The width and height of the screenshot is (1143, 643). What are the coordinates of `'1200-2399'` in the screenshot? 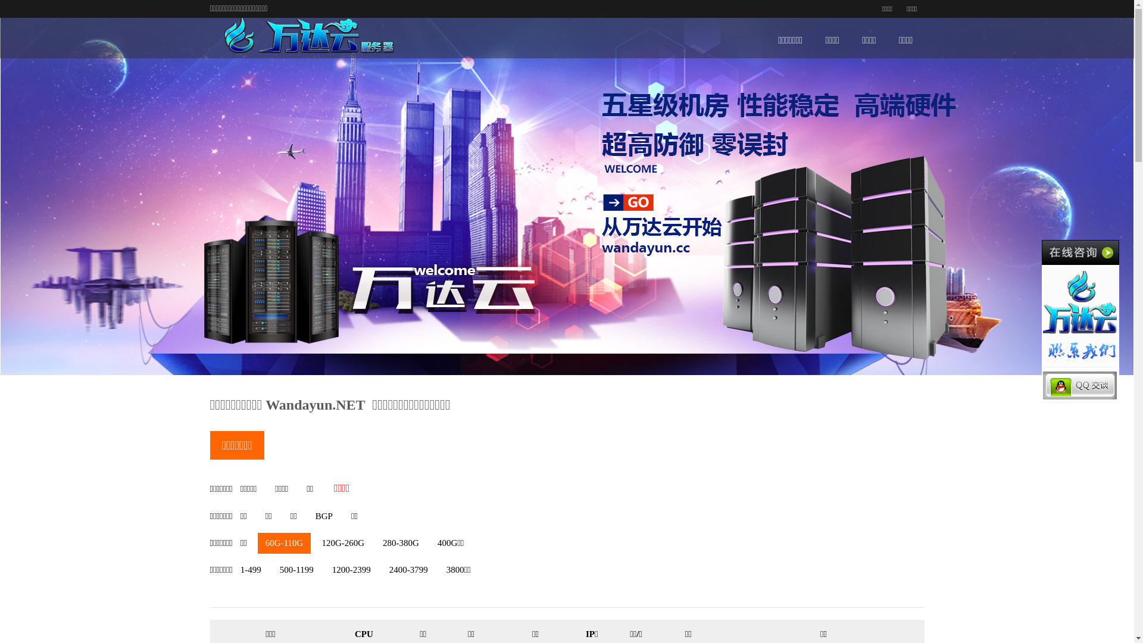 It's located at (351, 569).